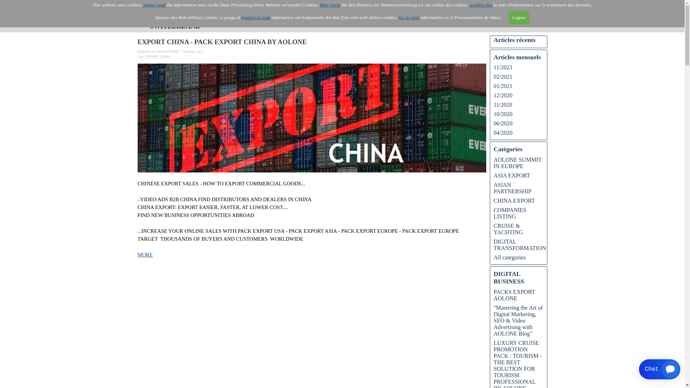 The width and height of the screenshot is (690, 388). What do you see at coordinates (503, 77) in the screenshot?
I see `'02/2021'` at bounding box center [503, 77].